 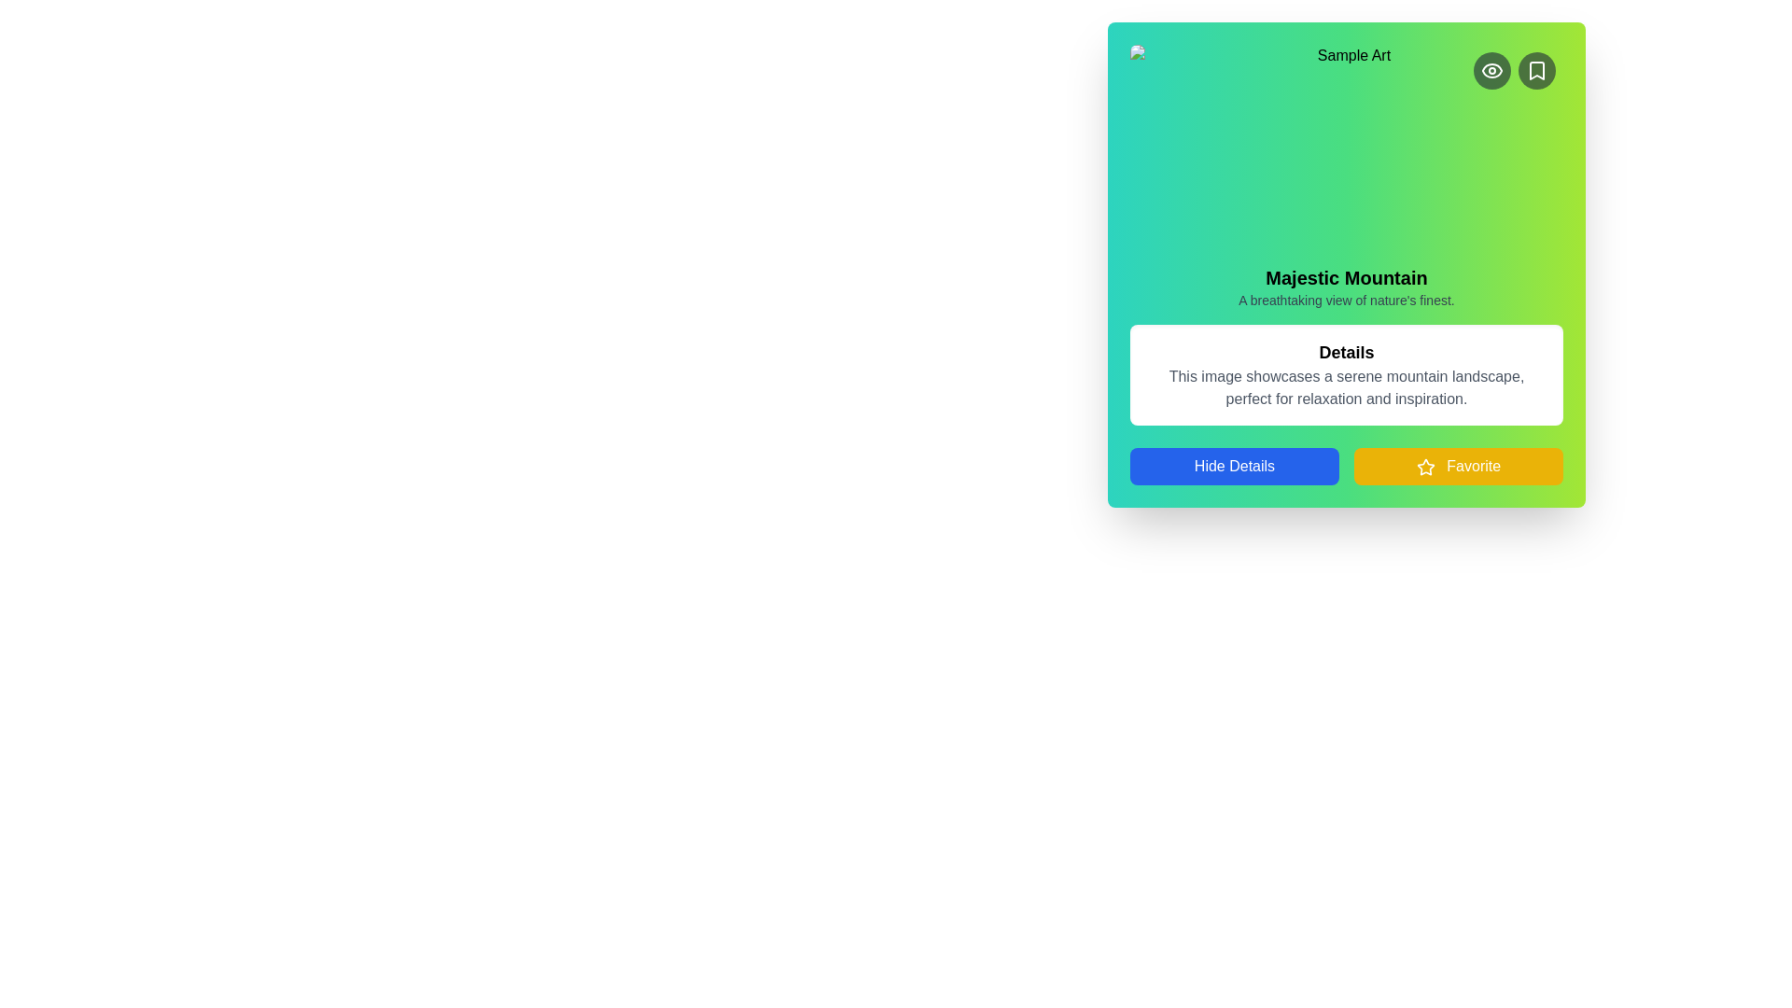 I want to click on the bookmarking icon located at the top-right of the card, so click(x=1536, y=70).